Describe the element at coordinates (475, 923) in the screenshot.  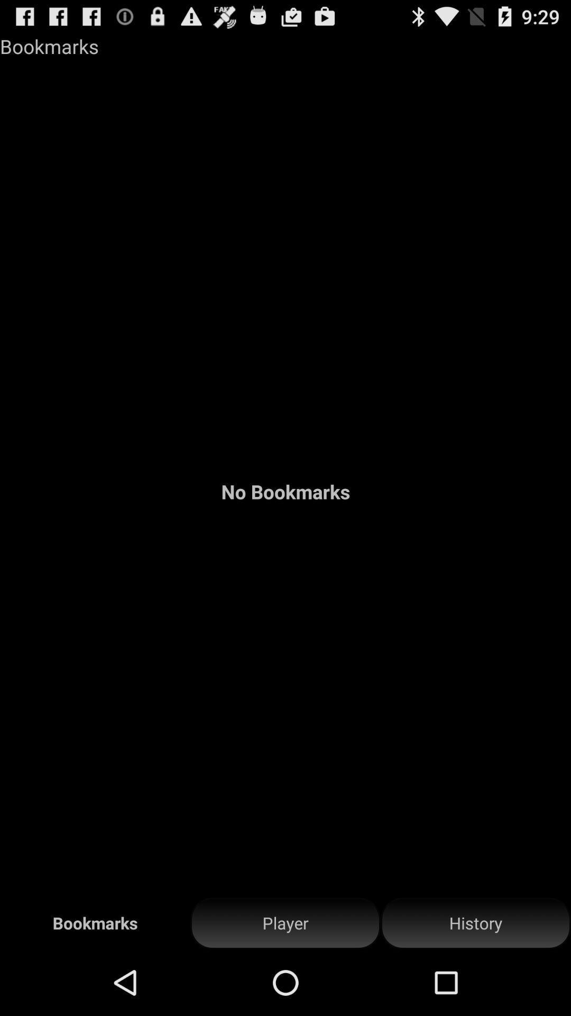
I see `the app below the no bookmarks icon` at that location.